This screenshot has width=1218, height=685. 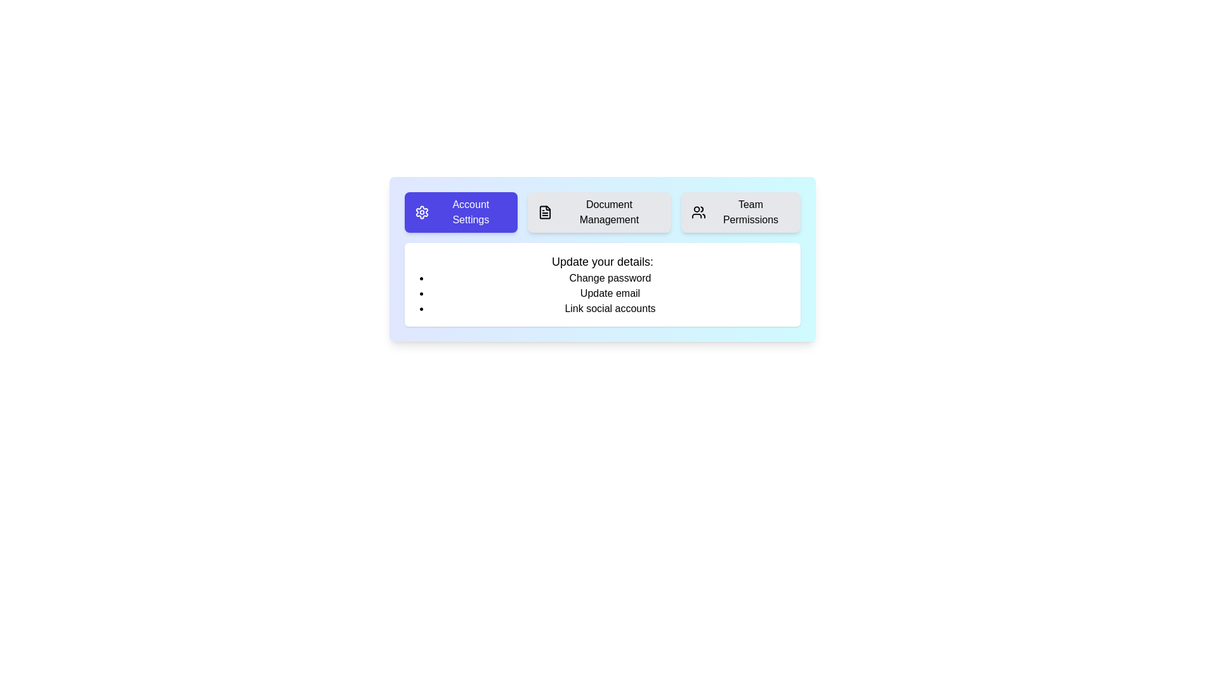 What do you see at coordinates (610, 278) in the screenshot?
I see `the 'Change password' text label, which is the first item in the bullet-pointed list under 'Update your details:' section` at bounding box center [610, 278].